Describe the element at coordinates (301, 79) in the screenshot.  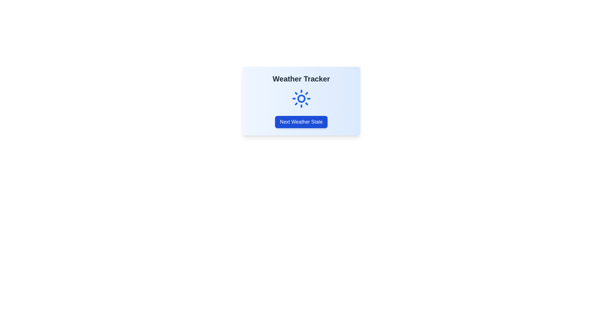
I see `the text label displaying 'Weather Tracker' in a bold, large, serif font, located at the top center of the rounded card with a gradient blue background` at that location.